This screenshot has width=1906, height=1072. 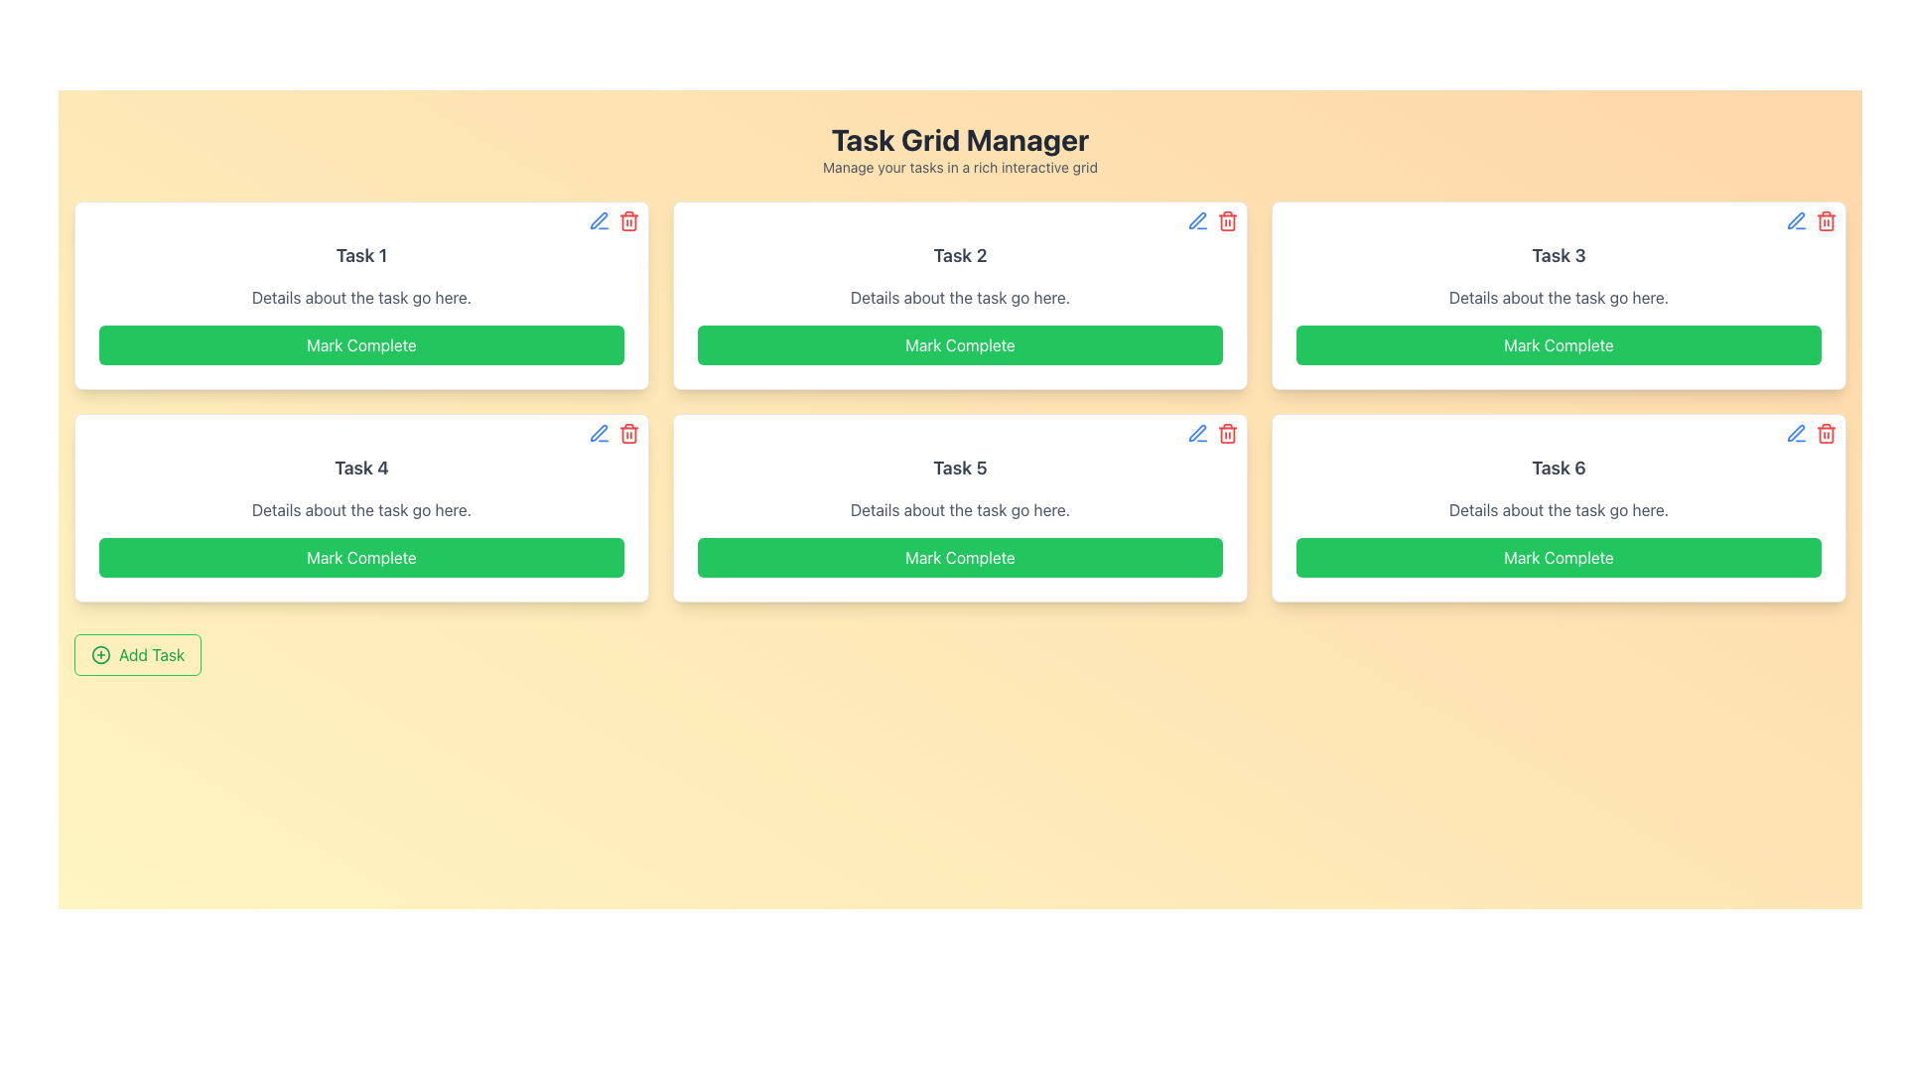 What do you see at coordinates (1558, 343) in the screenshot?
I see `the 'Mark Complete' button with rounded corners and a green background located at the bottom of the third card in the task grid` at bounding box center [1558, 343].